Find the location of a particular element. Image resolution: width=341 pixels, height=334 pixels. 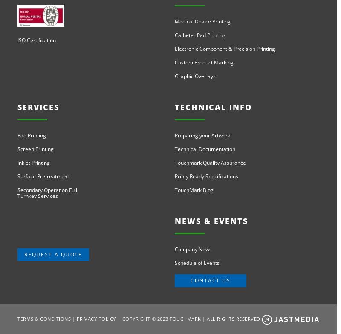

'Screen Printing' is located at coordinates (35, 149).